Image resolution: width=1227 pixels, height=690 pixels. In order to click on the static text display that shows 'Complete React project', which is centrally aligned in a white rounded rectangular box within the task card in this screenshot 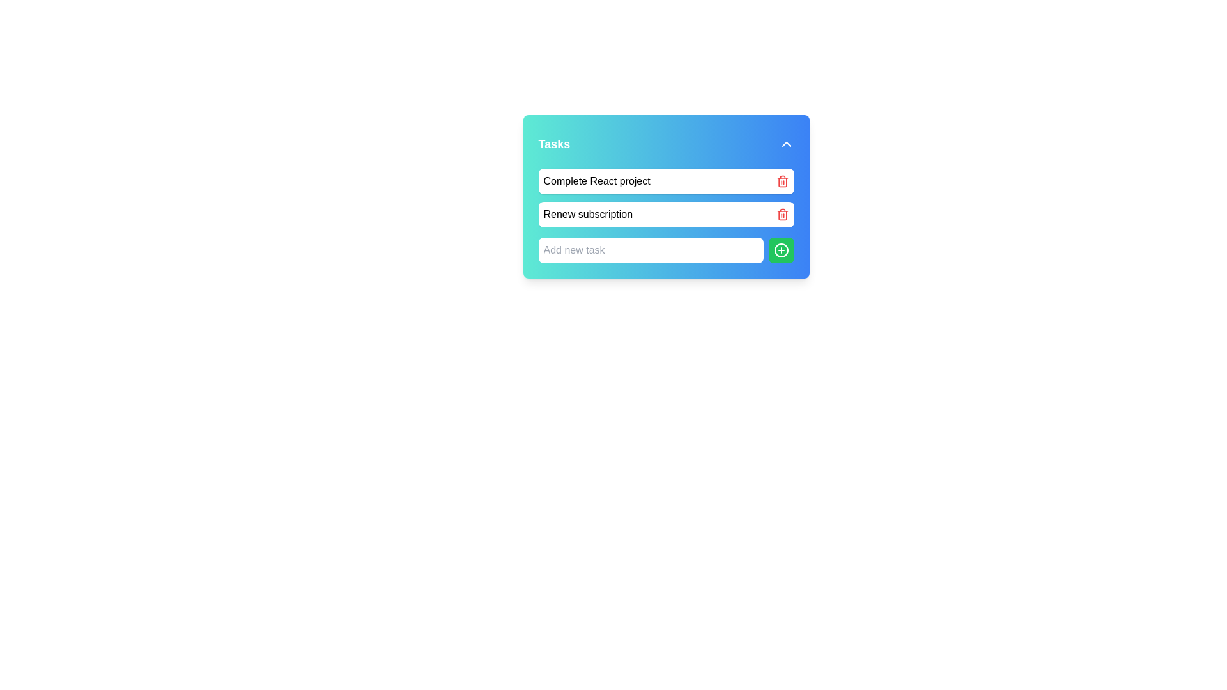, I will do `click(596, 181)`.